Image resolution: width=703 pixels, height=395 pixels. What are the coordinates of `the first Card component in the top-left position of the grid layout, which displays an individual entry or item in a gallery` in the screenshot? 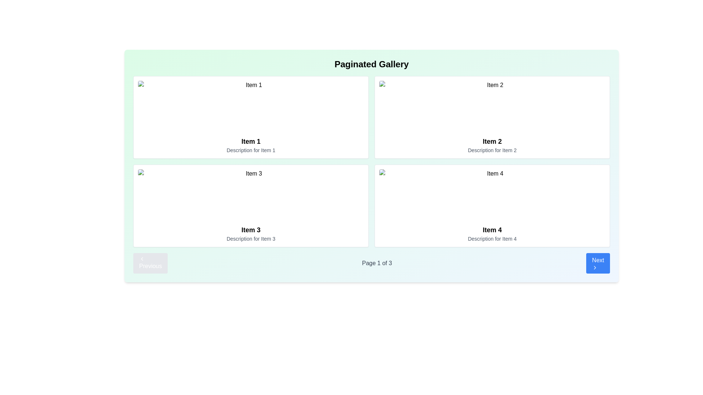 It's located at (251, 117).